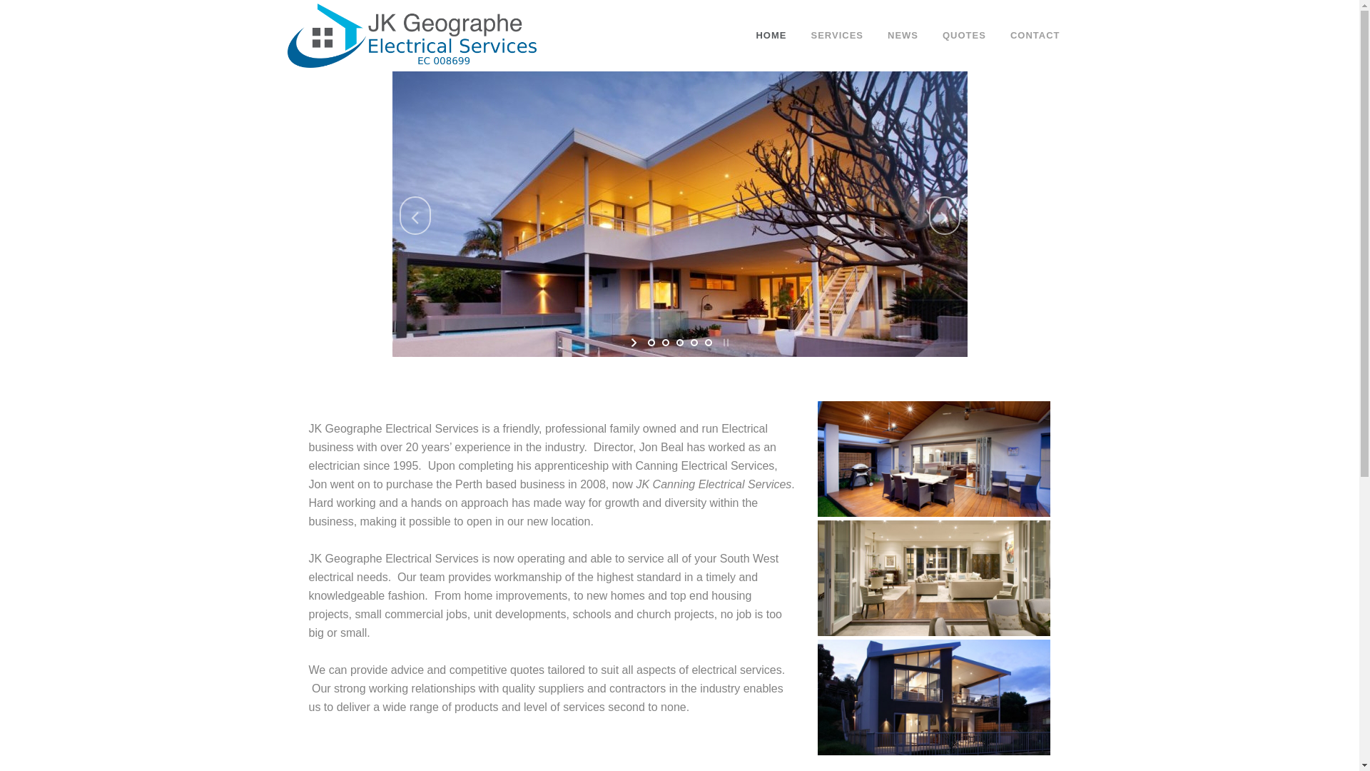 This screenshot has width=1370, height=771. What do you see at coordinates (770, 35) in the screenshot?
I see `'HOME'` at bounding box center [770, 35].